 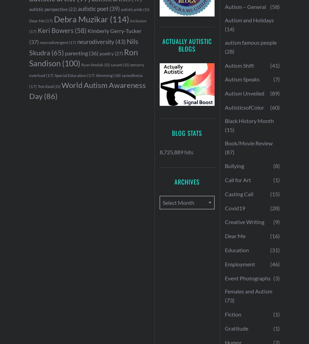 I want to click on '(36)', so click(x=93, y=53).